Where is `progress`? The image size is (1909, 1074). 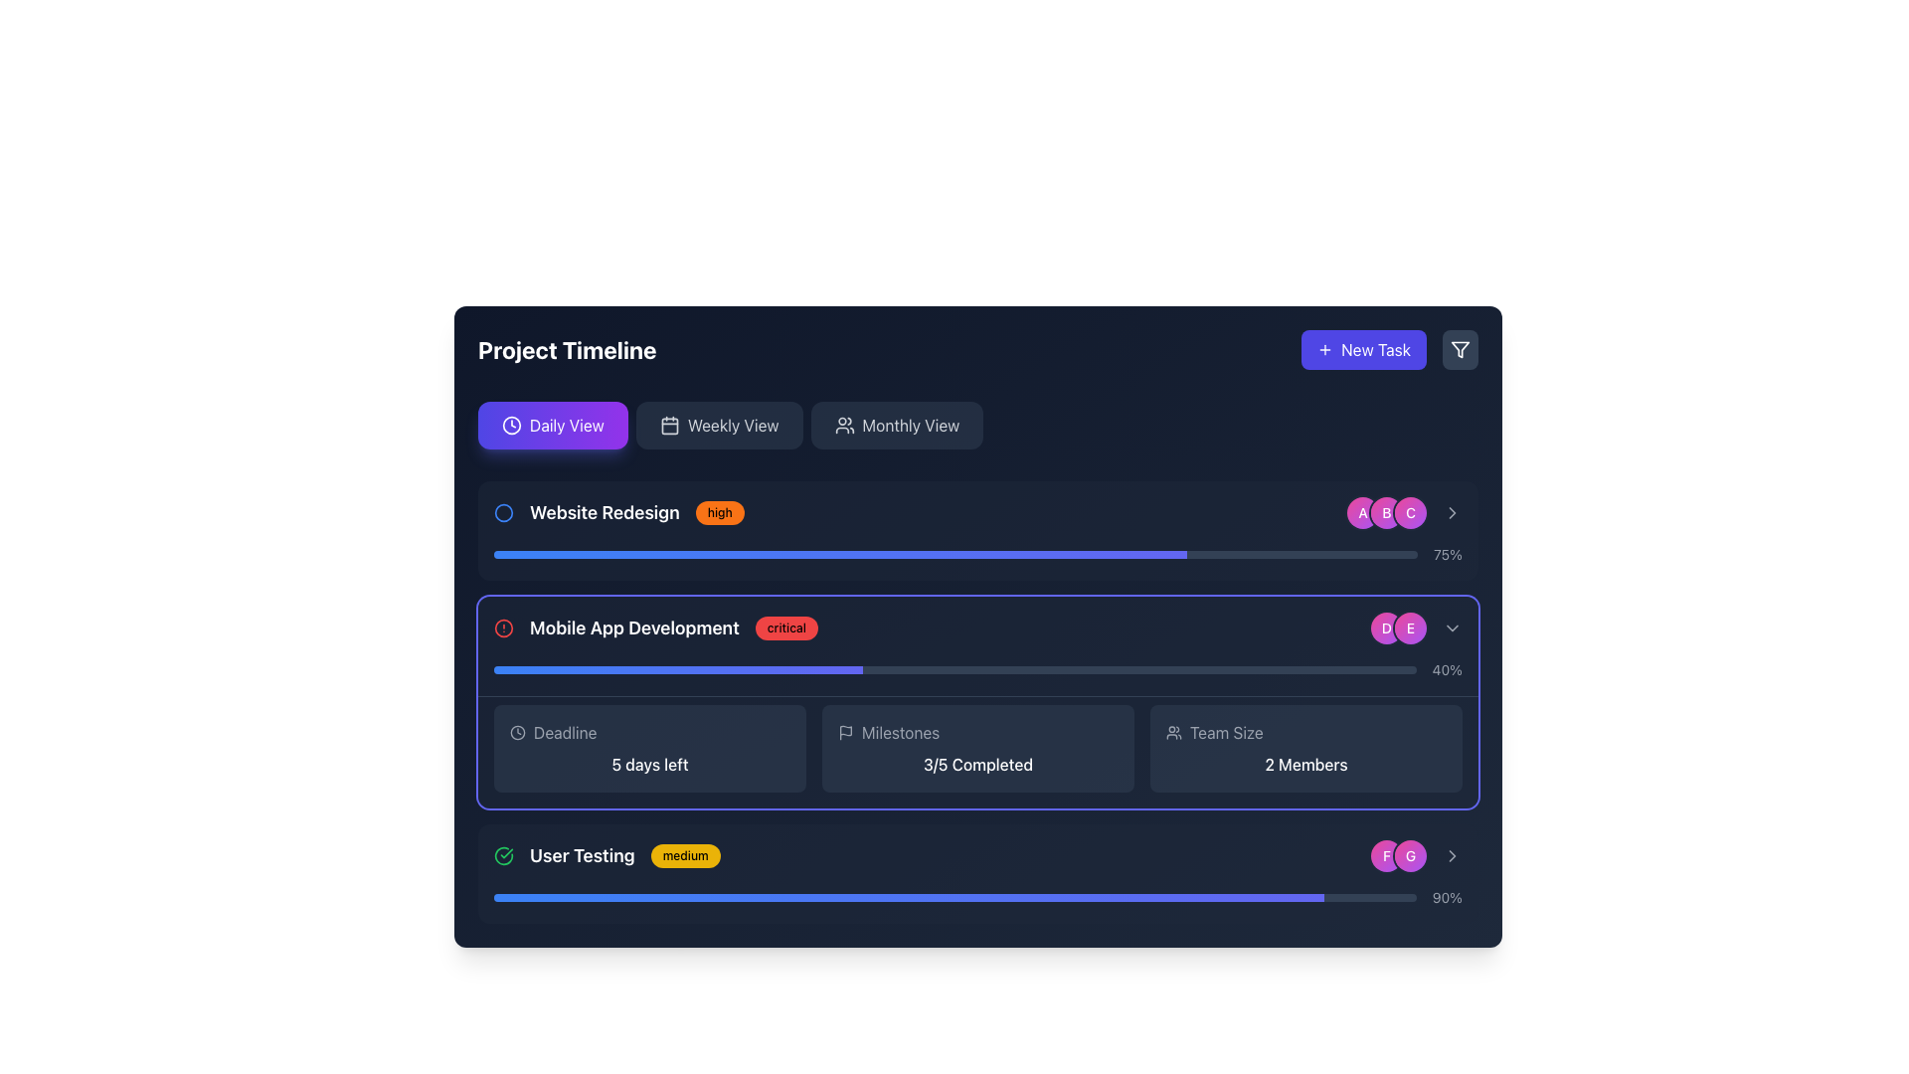
progress is located at coordinates (1040, 555).